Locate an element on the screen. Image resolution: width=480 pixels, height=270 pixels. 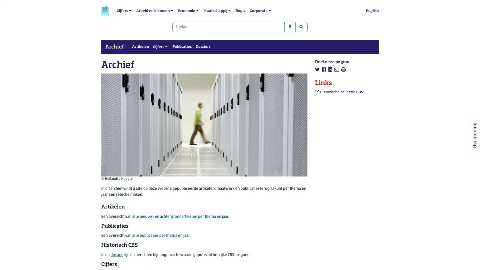
submenu Arbeid en inkomen is located at coordinates (172, 10).